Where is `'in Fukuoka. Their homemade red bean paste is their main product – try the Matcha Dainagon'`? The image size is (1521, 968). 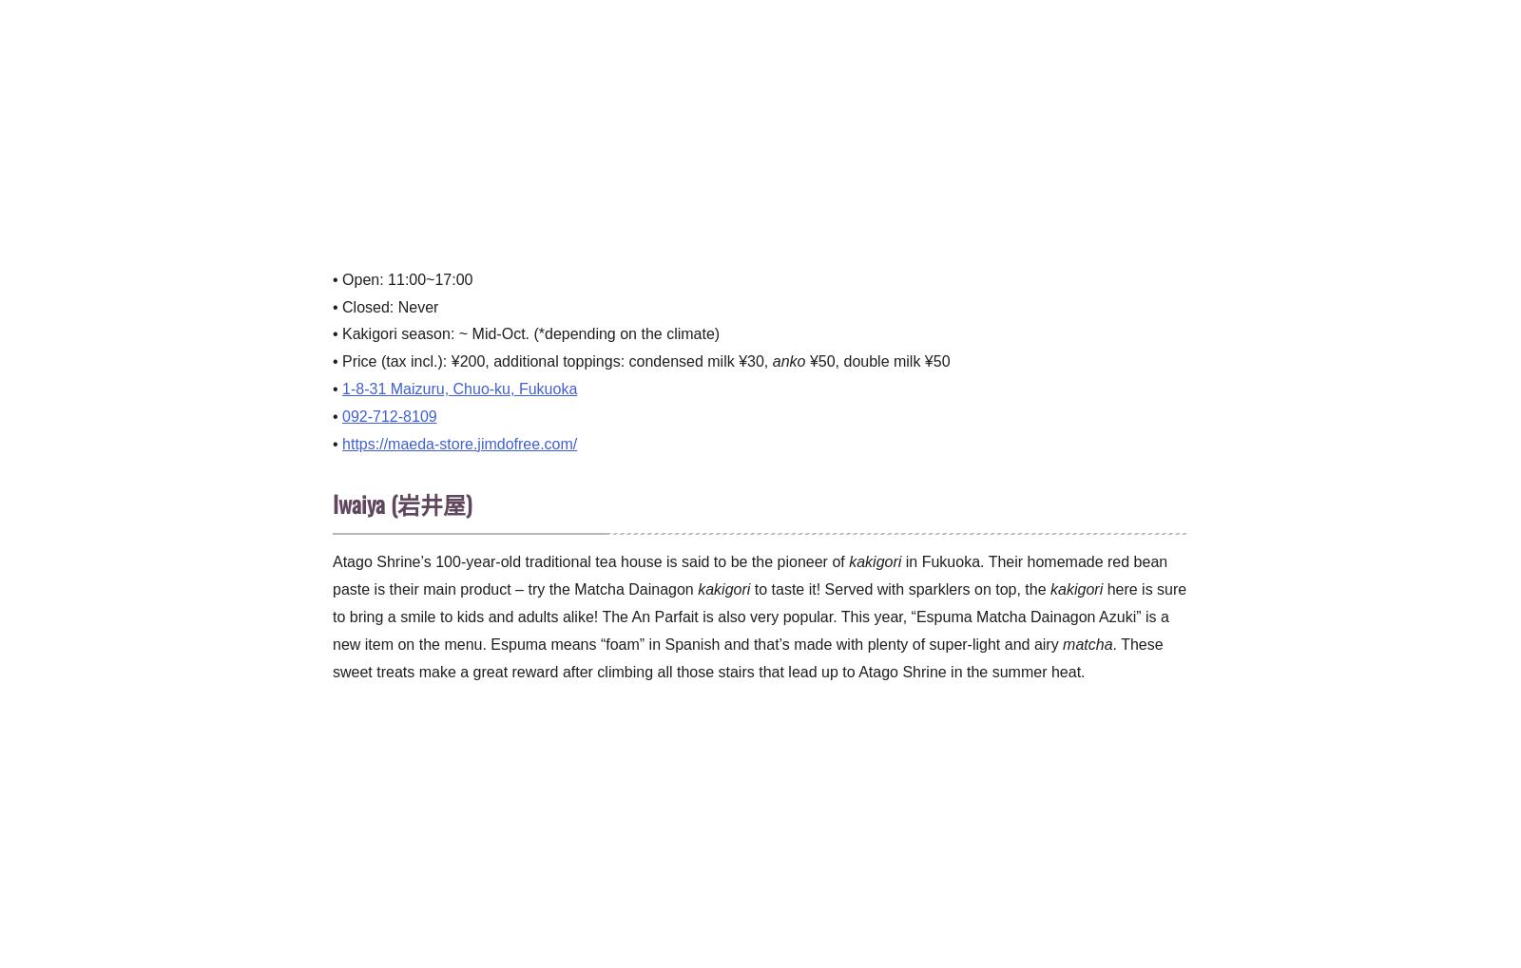
'in Fukuoka. Their homemade red bean paste is their main product – try the Matcha Dainagon' is located at coordinates (749, 575).